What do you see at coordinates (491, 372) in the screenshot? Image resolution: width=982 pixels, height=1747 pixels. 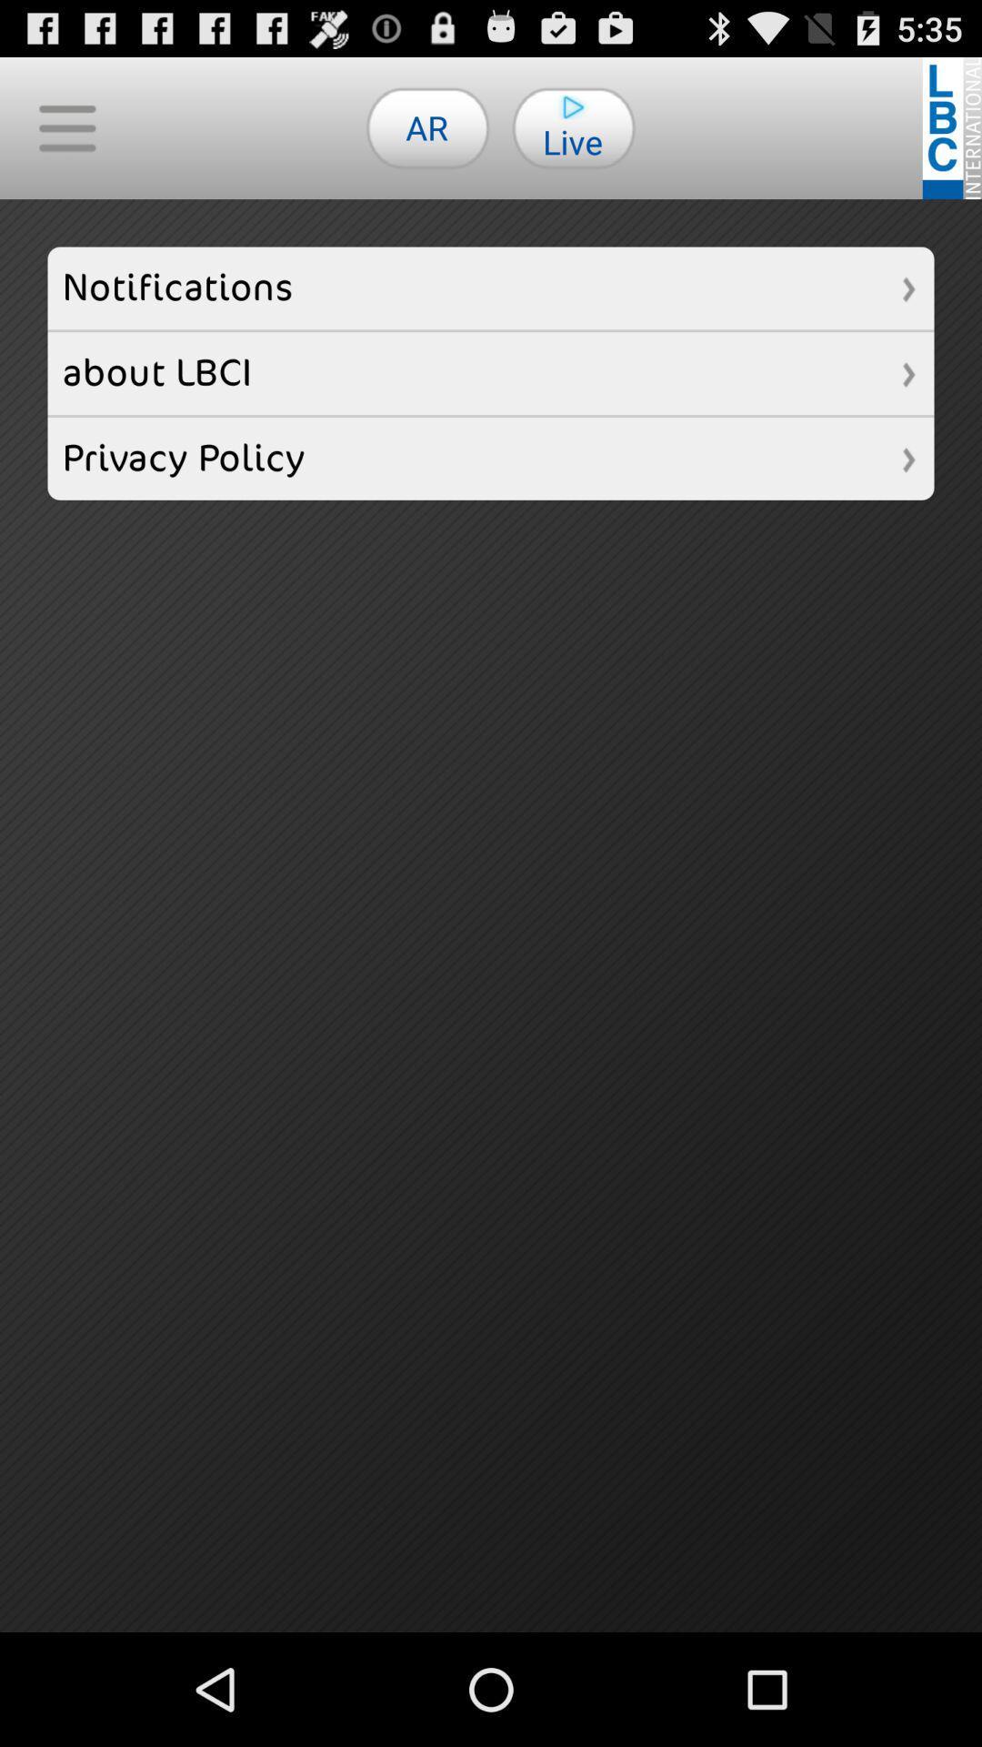 I see `the about lbci icon` at bounding box center [491, 372].